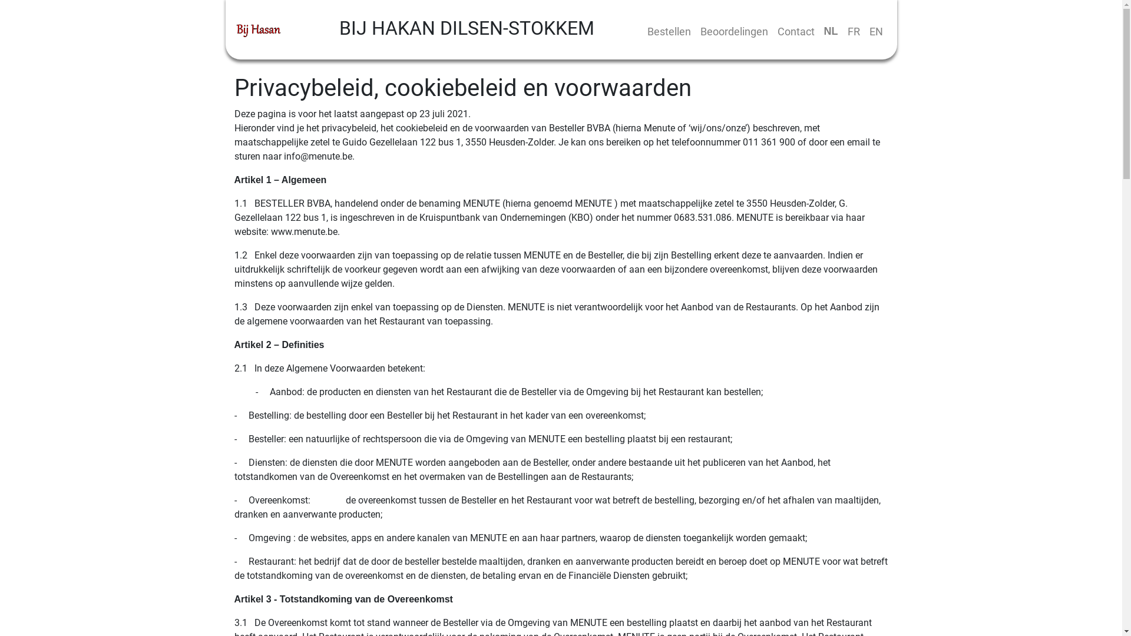  Describe the element at coordinates (876, 31) in the screenshot. I see `'EN'` at that location.